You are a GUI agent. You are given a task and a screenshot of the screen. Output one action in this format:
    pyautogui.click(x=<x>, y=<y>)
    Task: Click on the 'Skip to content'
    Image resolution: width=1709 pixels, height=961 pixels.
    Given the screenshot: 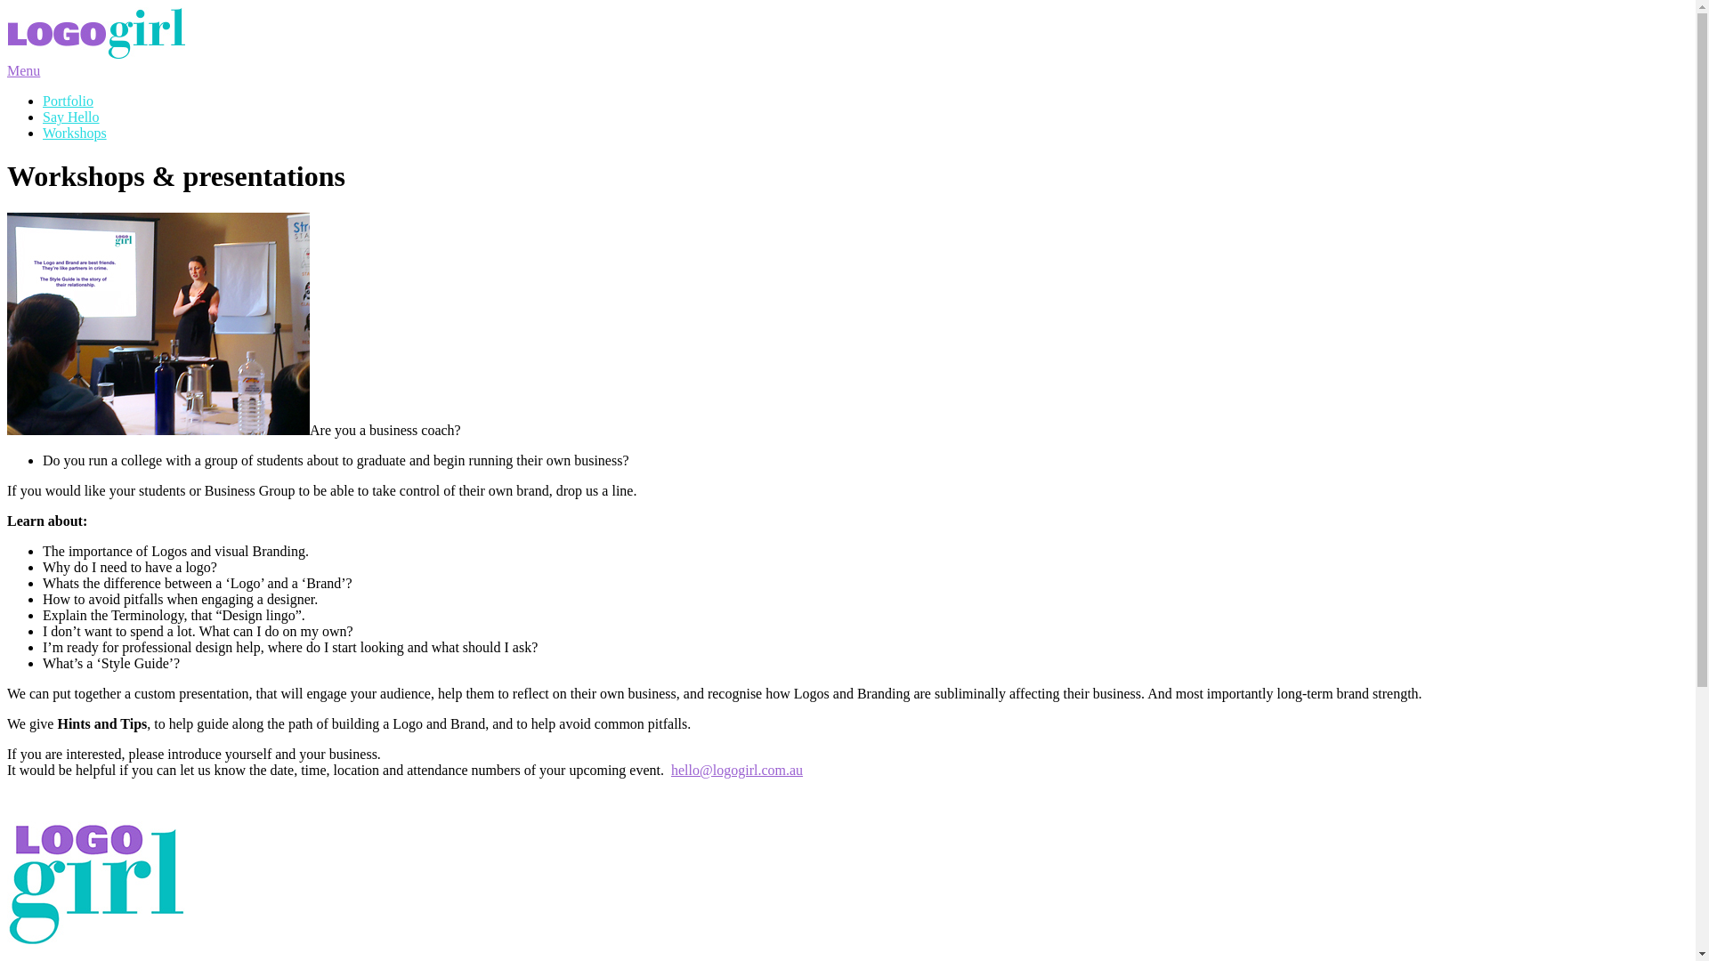 What is the action you would take?
    pyautogui.click(x=6, y=6)
    